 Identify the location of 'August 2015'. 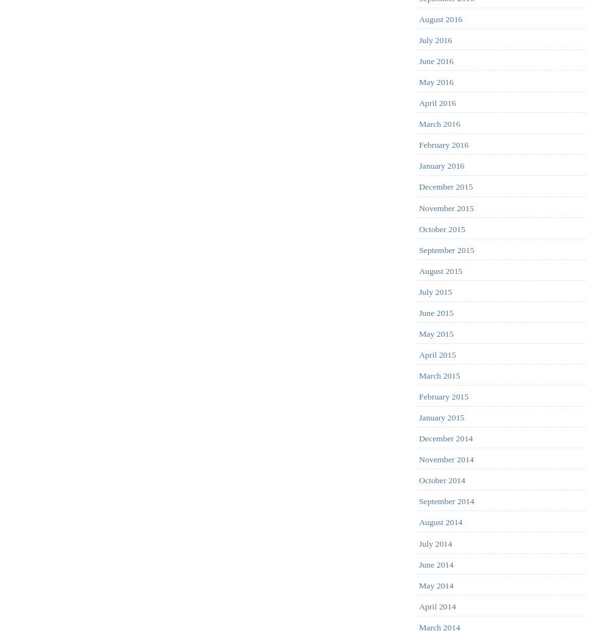
(419, 270).